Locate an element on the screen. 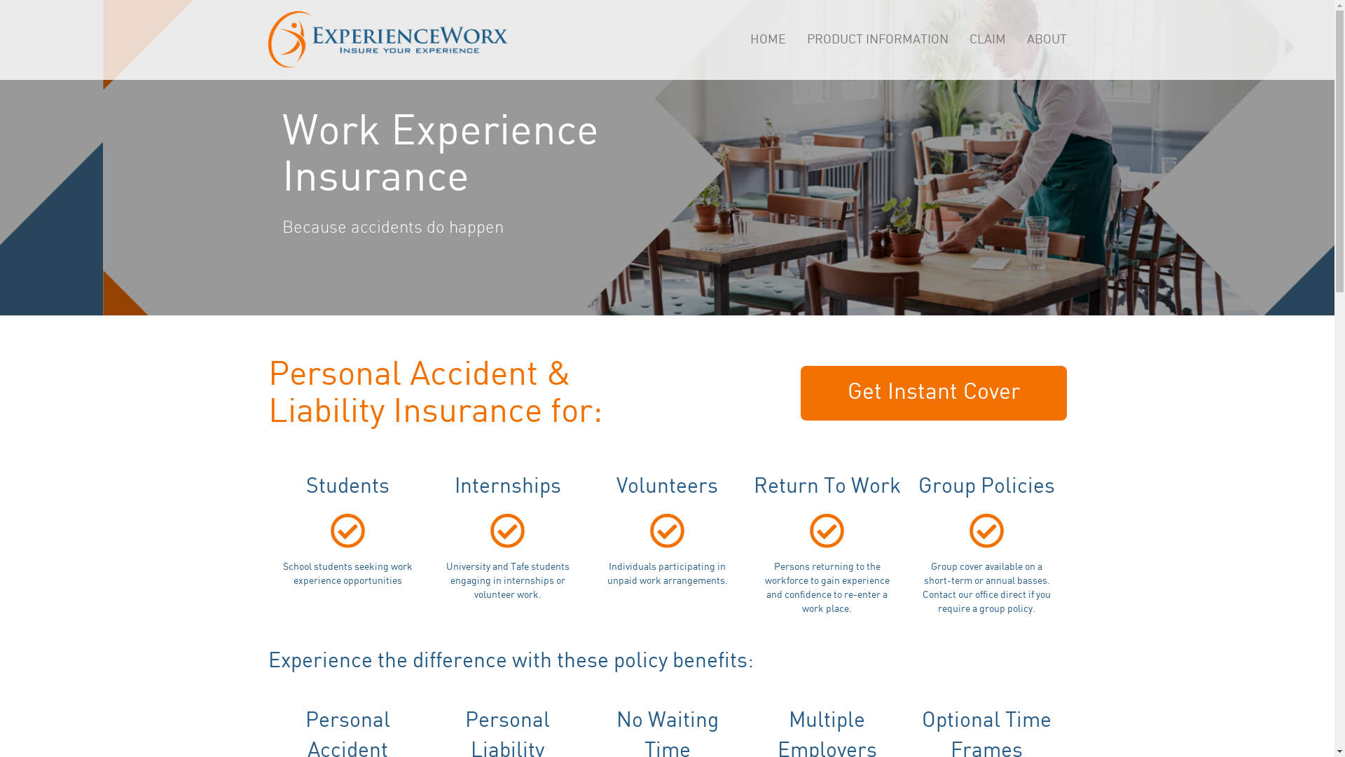 The image size is (1345, 757). 'Get Instant Cover' is located at coordinates (933, 393).